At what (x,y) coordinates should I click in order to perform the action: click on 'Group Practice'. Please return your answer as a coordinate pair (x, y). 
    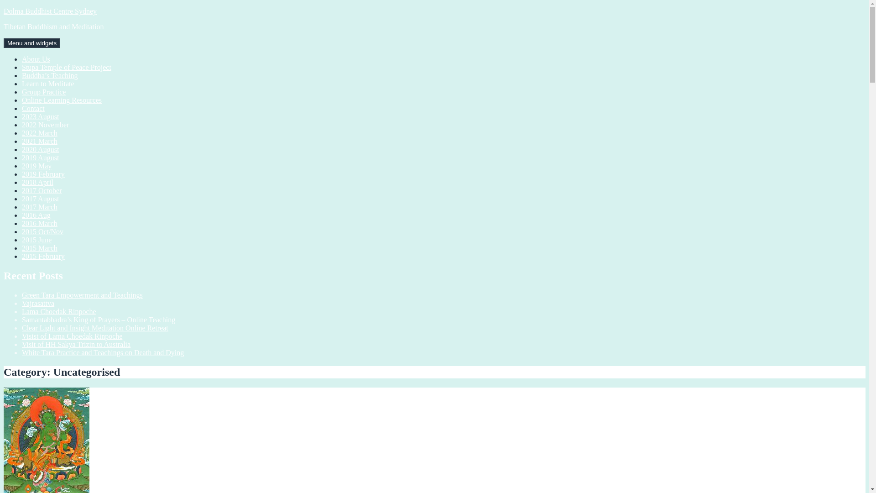
    Looking at the image, I should click on (43, 92).